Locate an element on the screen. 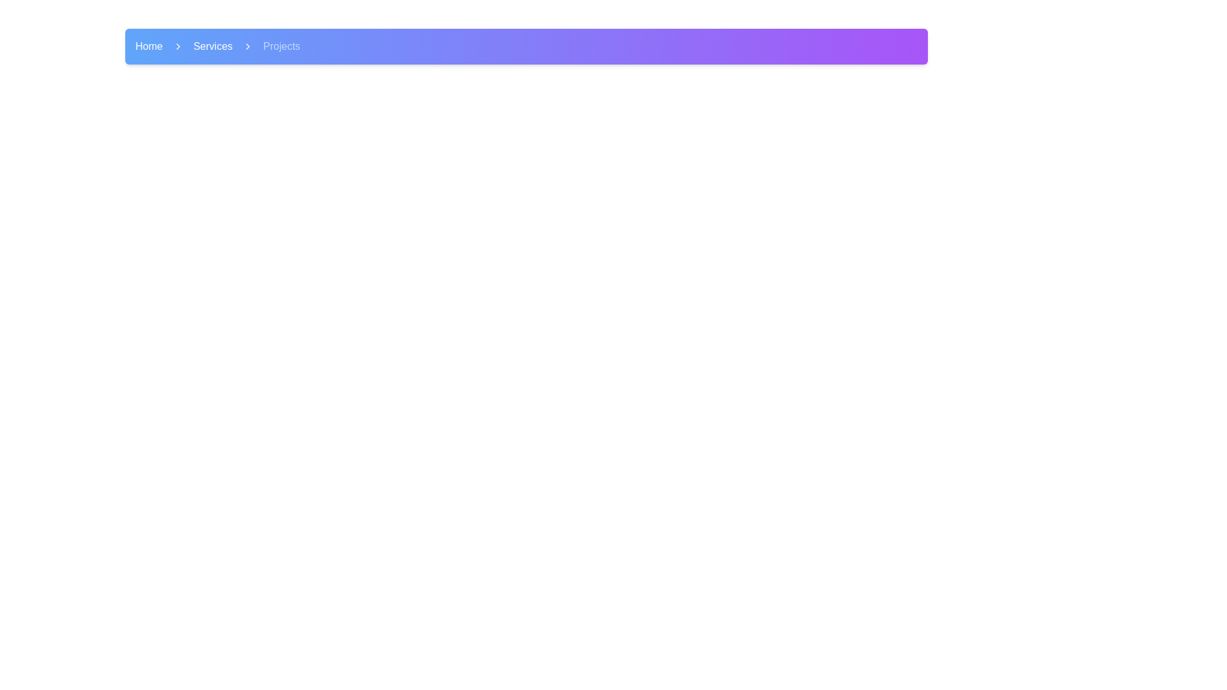 This screenshot has height=690, width=1227. the 'Services' text link in the breadcrumb navigation bar for keyboard navigation is located at coordinates (213, 46).